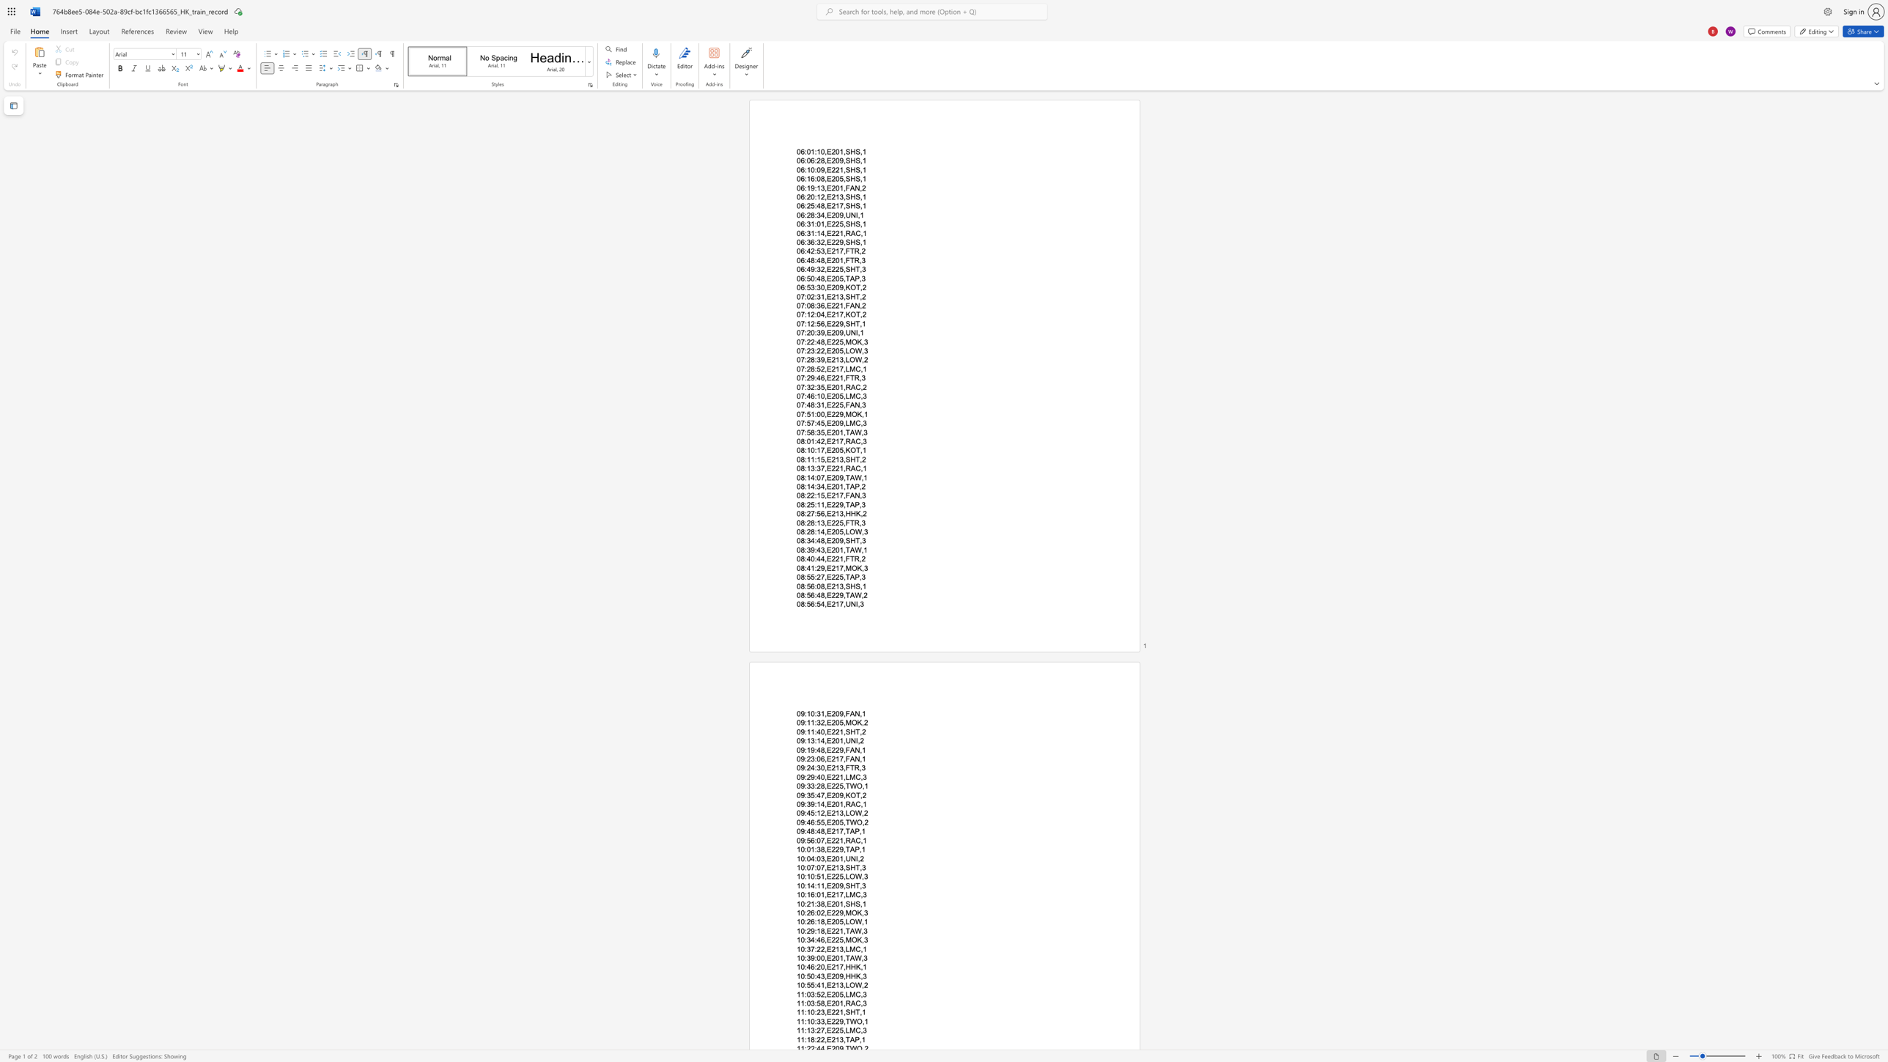 The width and height of the screenshot is (1888, 1062). I want to click on the space between the continuous character "9" and "," in the text, so click(842, 849).